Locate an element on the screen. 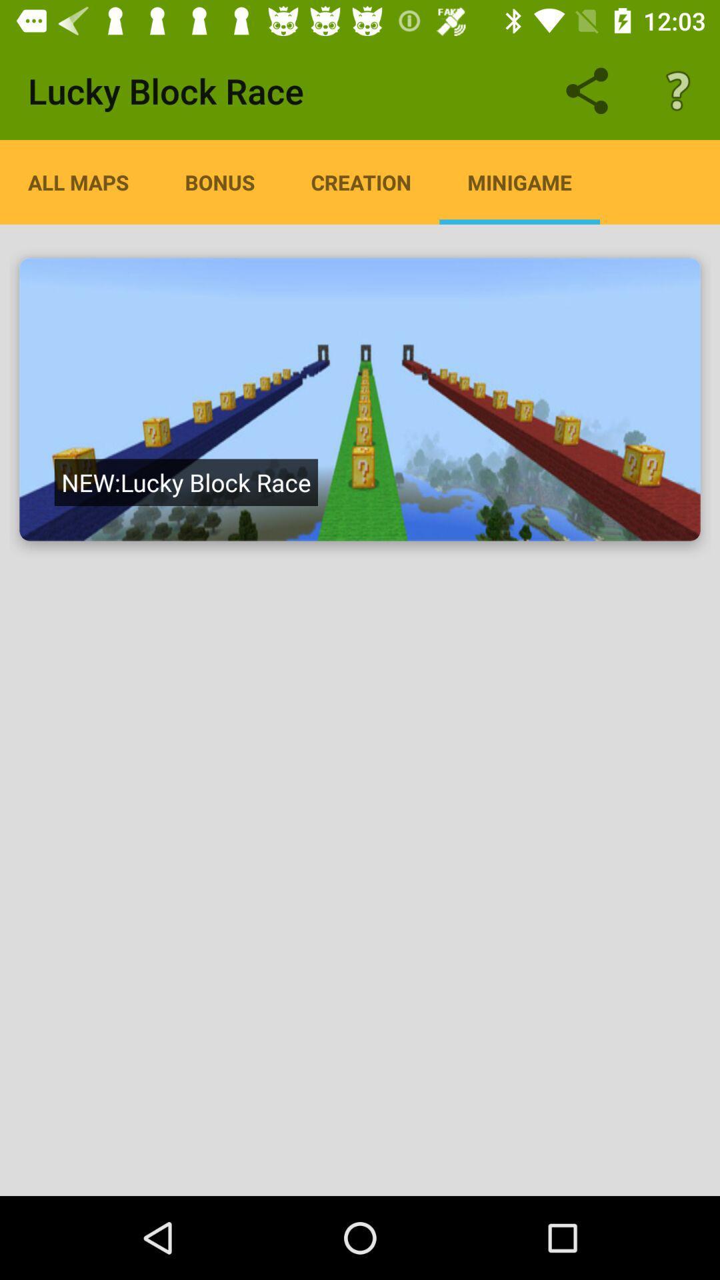 This screenshot has height=1280, width=720. the new lucky block is located at coordinates (186, 481).